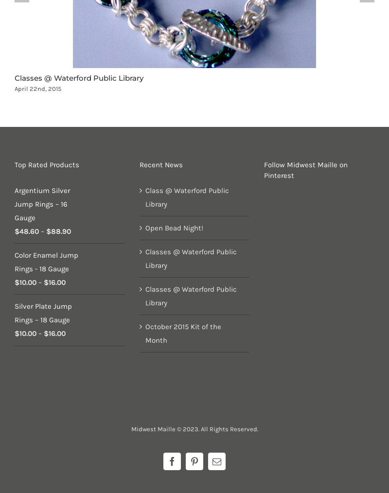 The width and height of the screenshot is (389, 493). What do you see at coordinates (186, 197) in the screenshot?
I see `'Class @ Waterford Public Library'` at bounding box center [186, 197].